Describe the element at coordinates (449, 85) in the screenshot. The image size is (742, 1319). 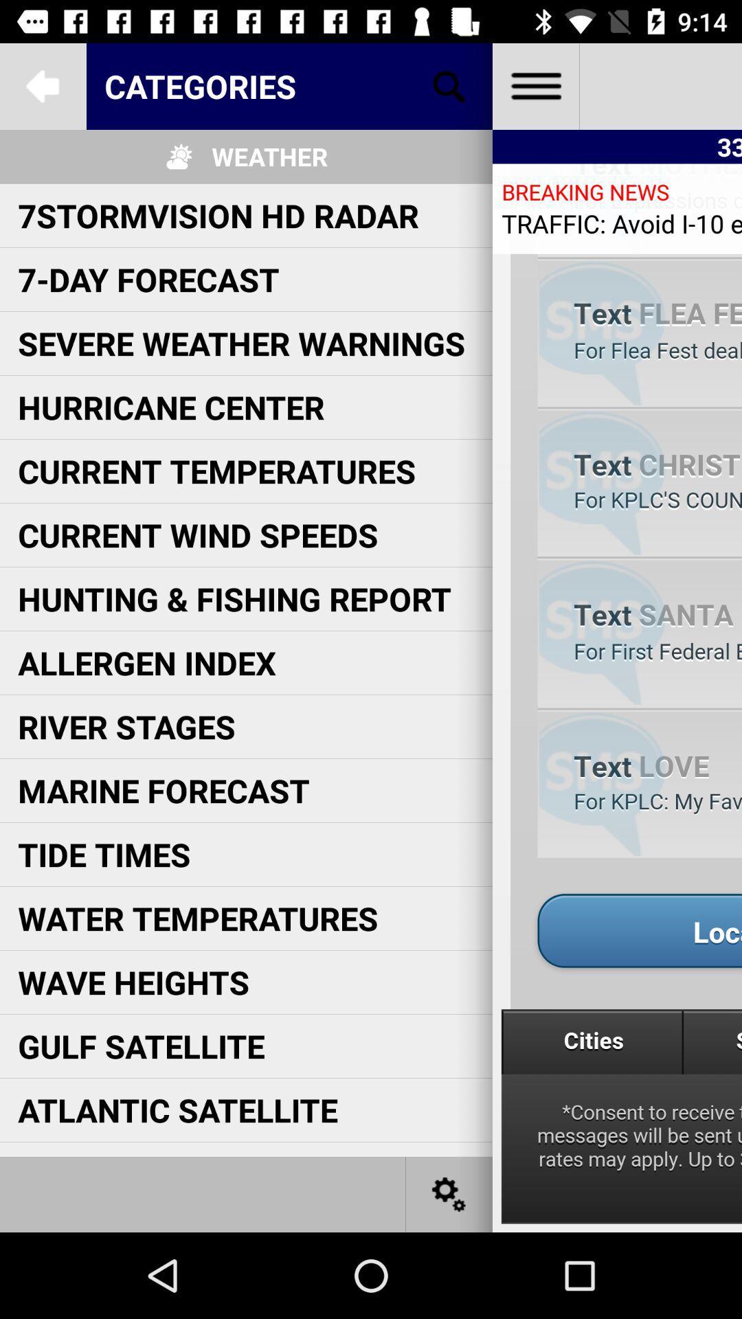
I see `the search icon` at that location.